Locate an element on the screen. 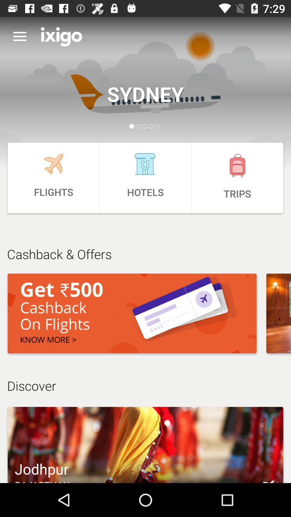 This screenshot has width=291, height=517. the hotels icon is located at coordinates (145, 178).